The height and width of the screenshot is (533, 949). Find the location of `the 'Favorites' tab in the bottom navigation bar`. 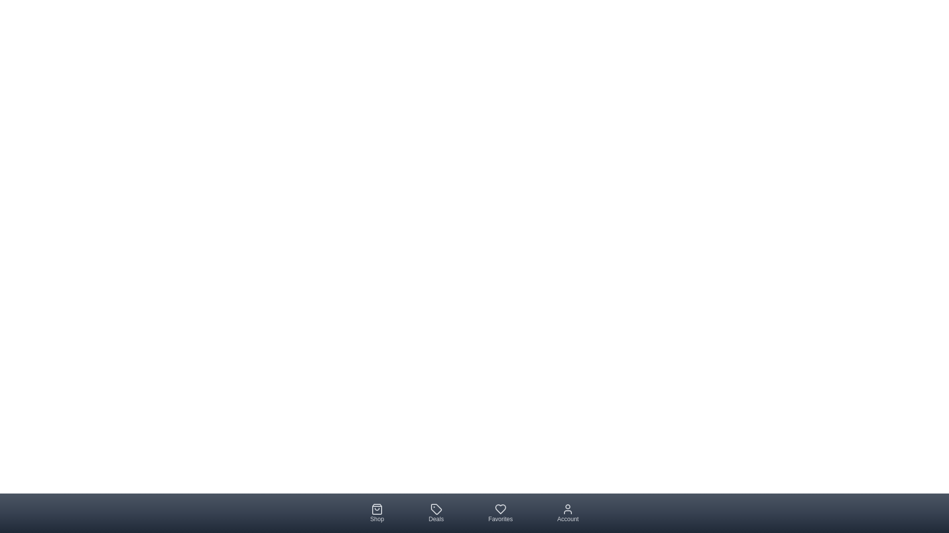

the 'Favorites' tab in the bottom navigation bar is located at coordinates (500, 513).